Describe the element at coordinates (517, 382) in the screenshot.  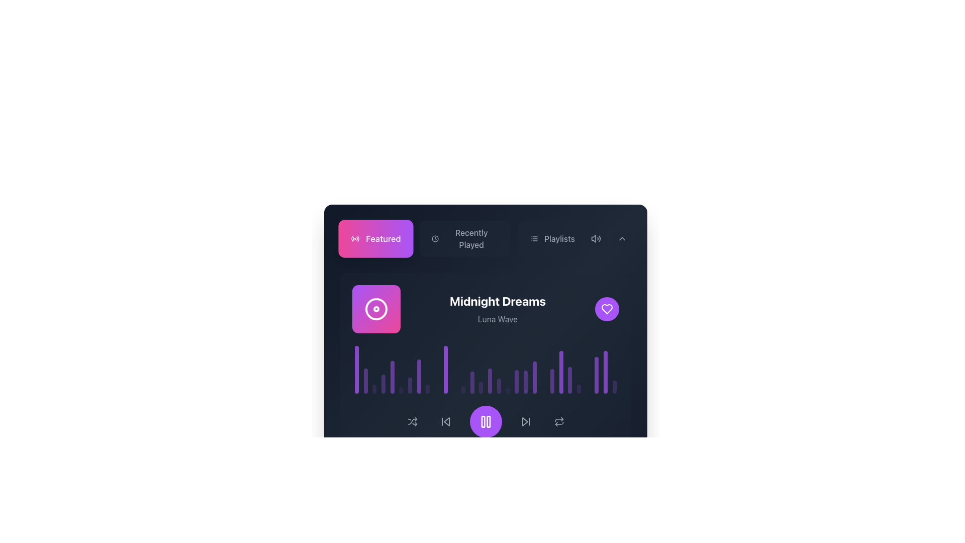
I see `the seventeenth purple vertical bar in the graphical visualization element, which has rounded top and bottom edges, located centrally in the lower part of the interface` at that location.